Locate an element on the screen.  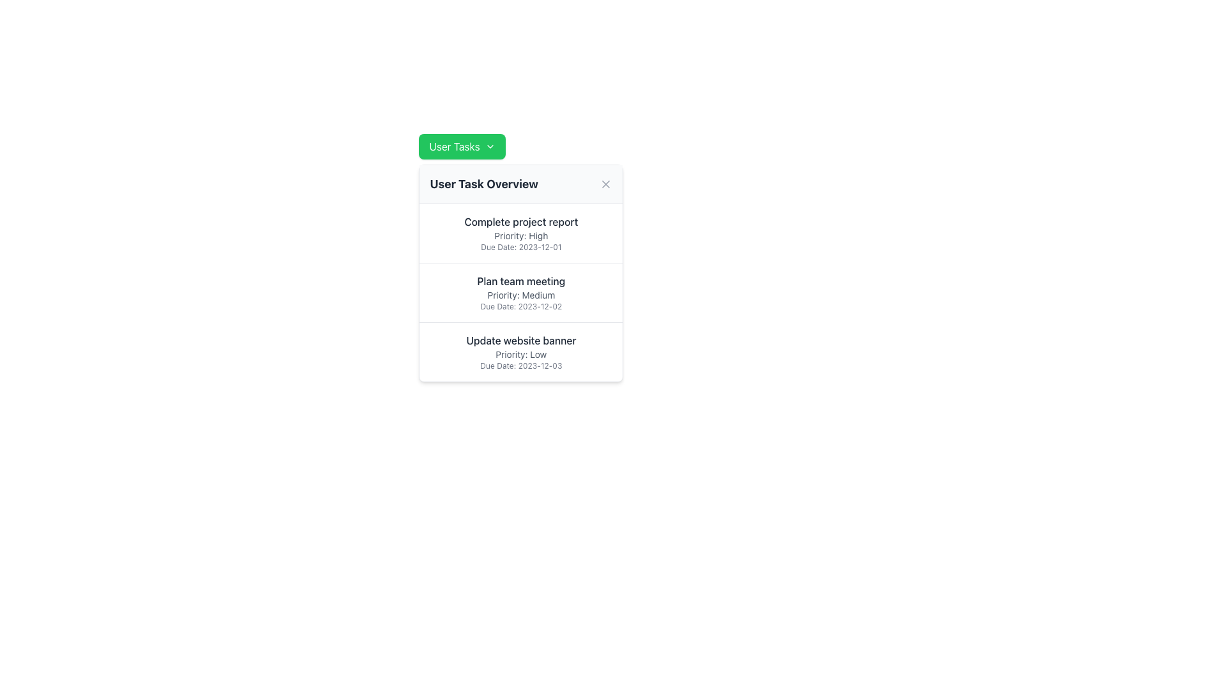
the non-interactive text label indicating the priority level of the task 'Plan team meeting', which is positioned below the task title in the task list is located at coordinates (521, 295).